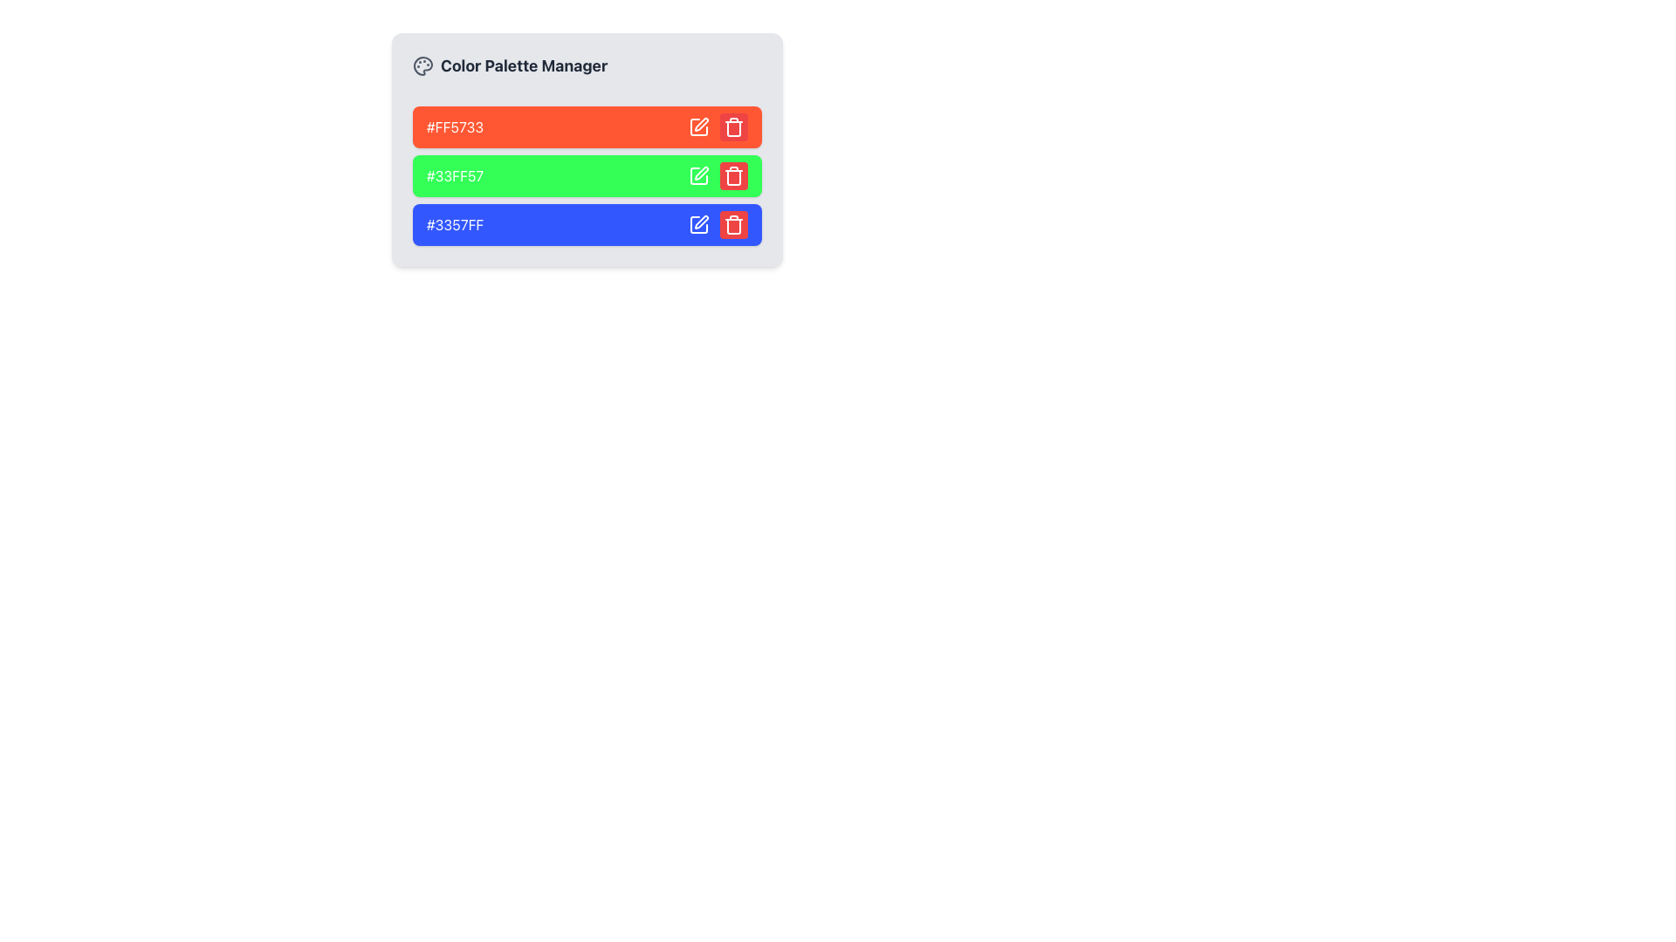  What do you see at coordinates (455, 126) in the screenshot?
I see `the Label displaying the hexadecimal code '#FF5733' in white text with a red background, located at the top of the Color Palette Manager section` at bounding box center [455, 126].